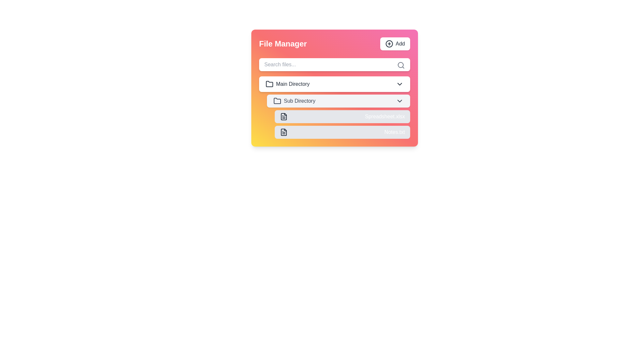 The image size is (625, 351). Describe the element at coordinates (342, 116) in the screenshot. I see `the highlighted file list item labeled 'Spreadsheet.xlsx'` at that location.